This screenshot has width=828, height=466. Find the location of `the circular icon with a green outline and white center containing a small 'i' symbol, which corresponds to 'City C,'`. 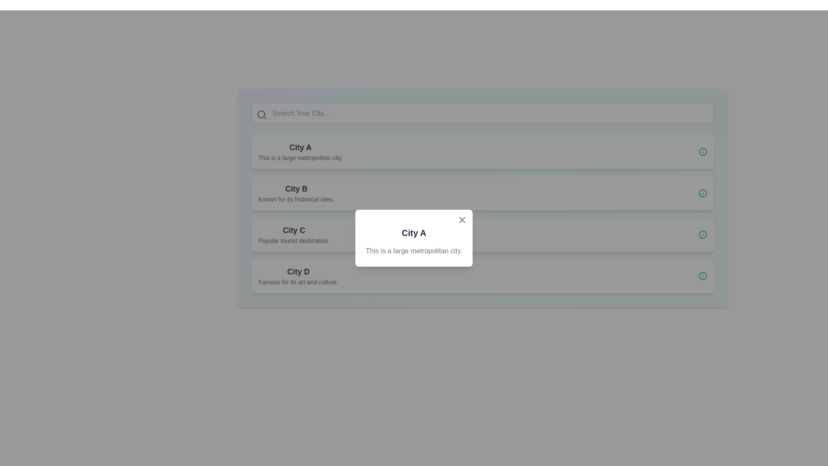

the circular icon with a green outline and white center containing a small 'i' symbol, which corresponds to 'City C,' is located at coordinates (703, 234).